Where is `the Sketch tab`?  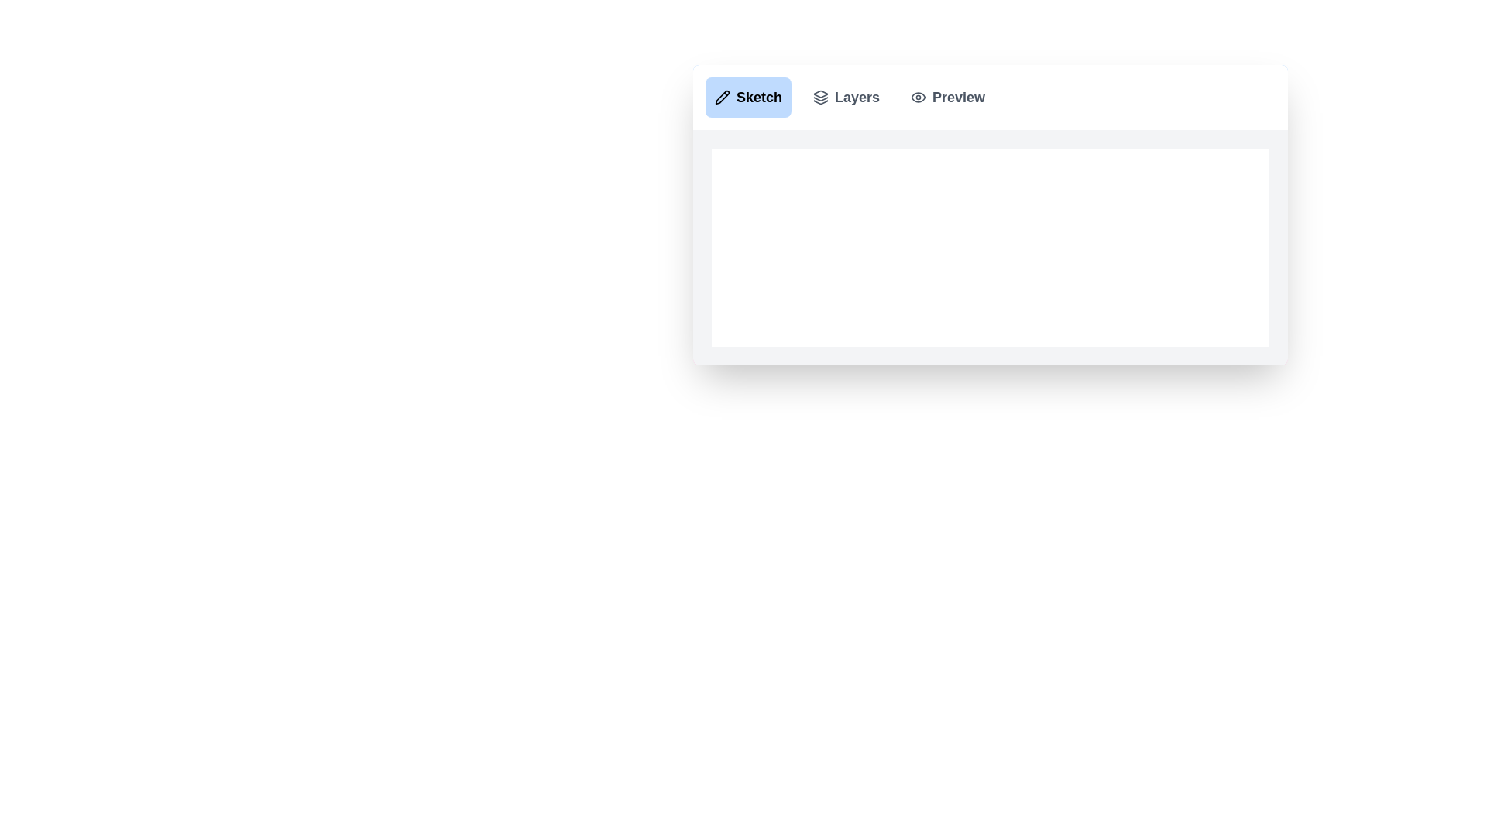
the Sketch tab is located at coordinates (748, 98).